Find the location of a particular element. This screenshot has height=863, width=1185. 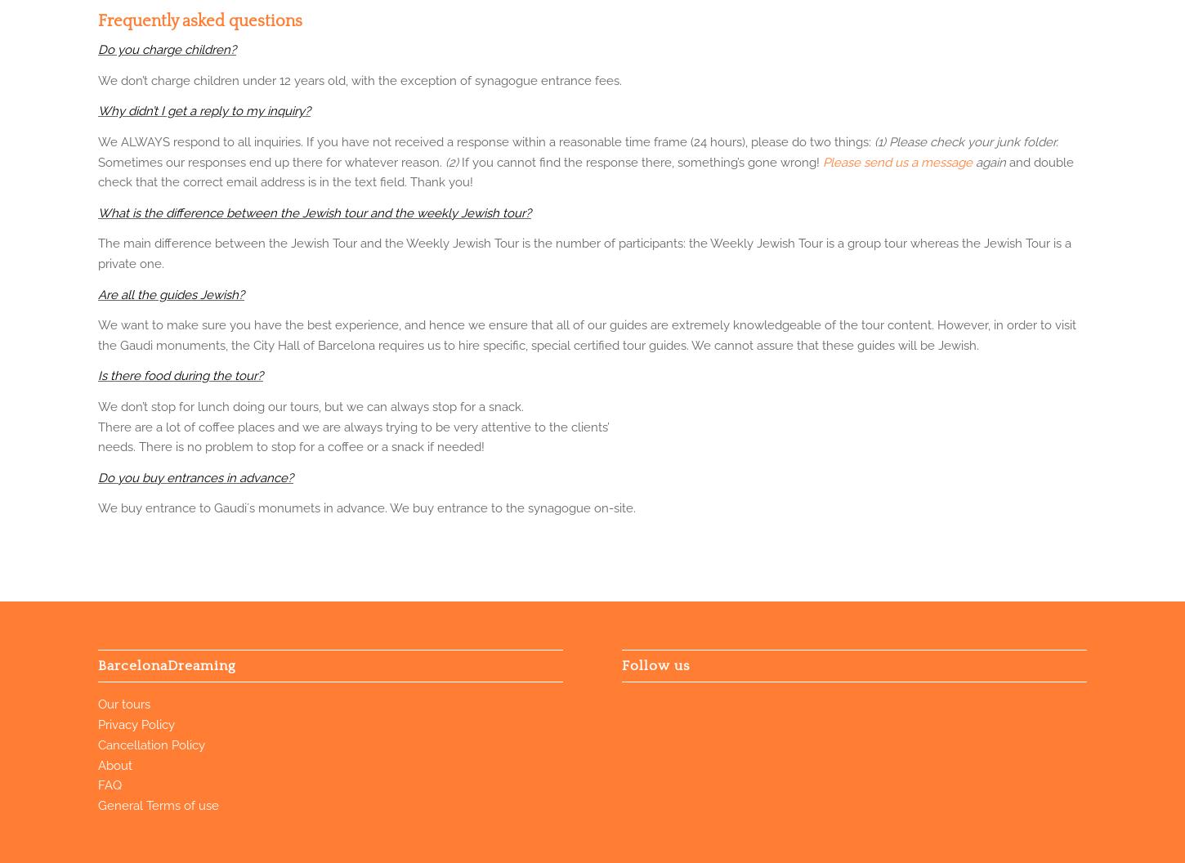

'Cancellation Policy' is located at coordinates (150, 744).